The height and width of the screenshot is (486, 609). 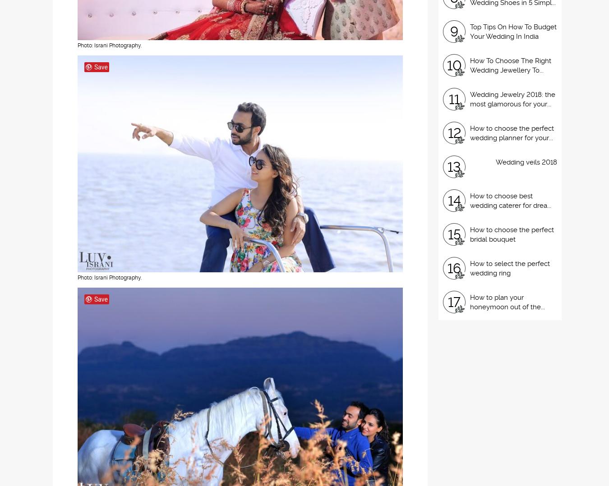 I want to click on 'Mailys and Berlin have shown the world that a long distance relationship can still work when people are in love.', so click(x=367, y=82).